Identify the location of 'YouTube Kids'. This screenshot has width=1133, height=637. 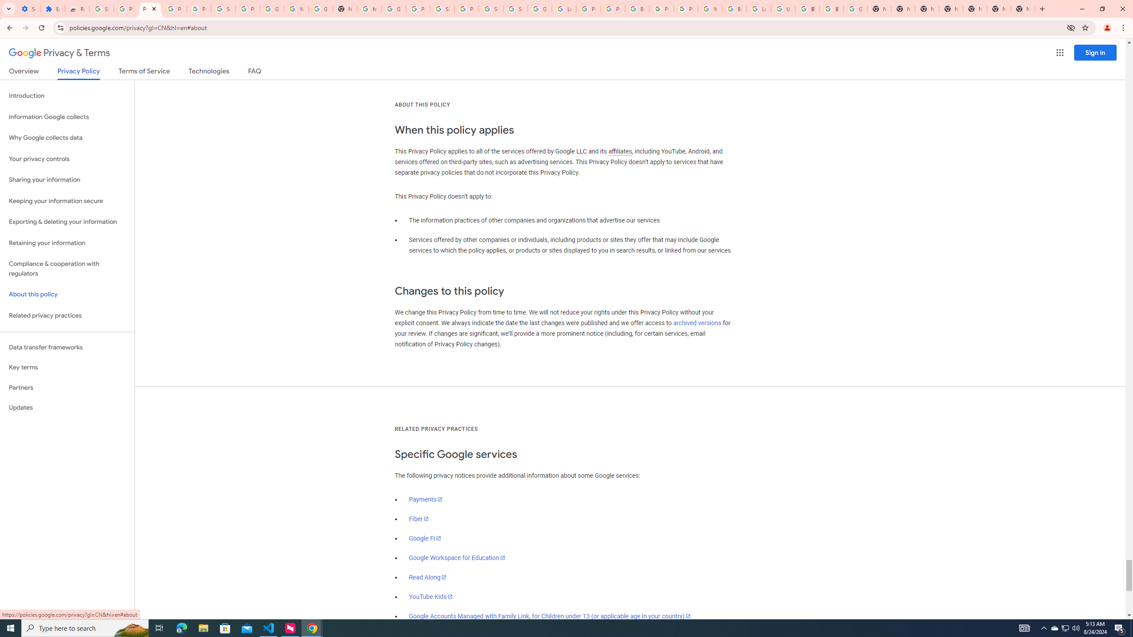
(431, 596).